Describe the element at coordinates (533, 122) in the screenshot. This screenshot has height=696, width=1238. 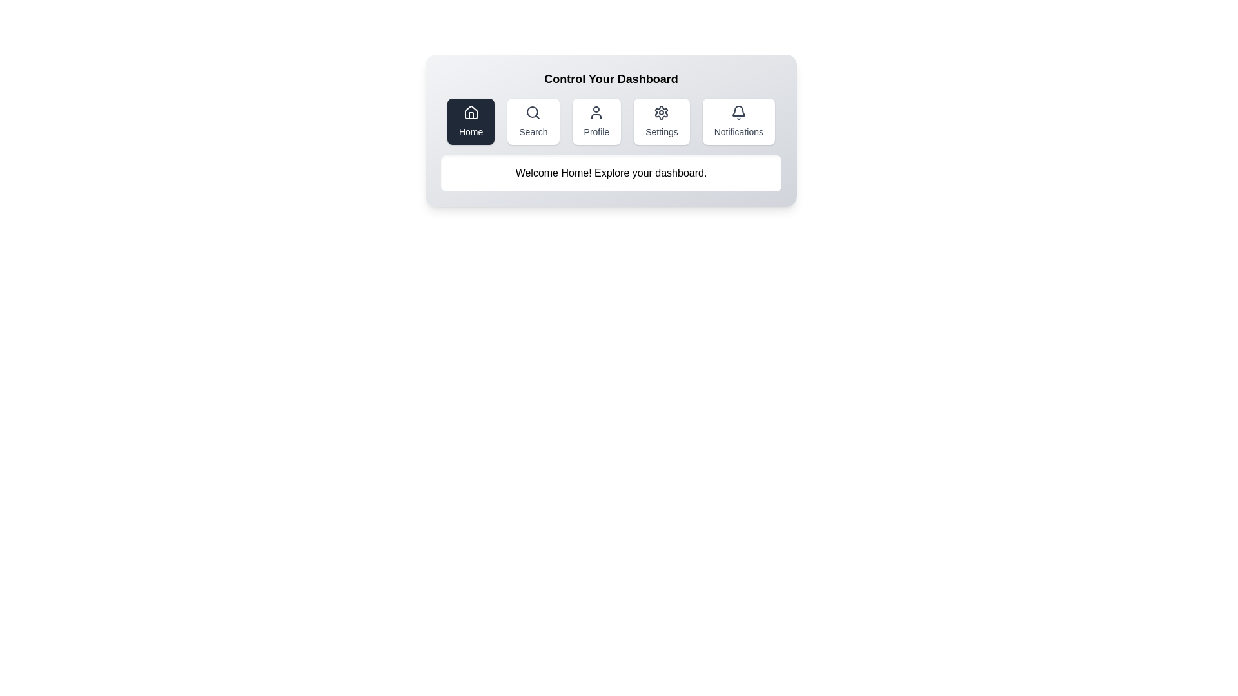
I see `the 'Search' button, which is a rectangular button with a white background and a magnifying glass icon` at that location.